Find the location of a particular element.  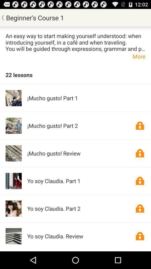

an easy way is located at coordinates (75, 42).